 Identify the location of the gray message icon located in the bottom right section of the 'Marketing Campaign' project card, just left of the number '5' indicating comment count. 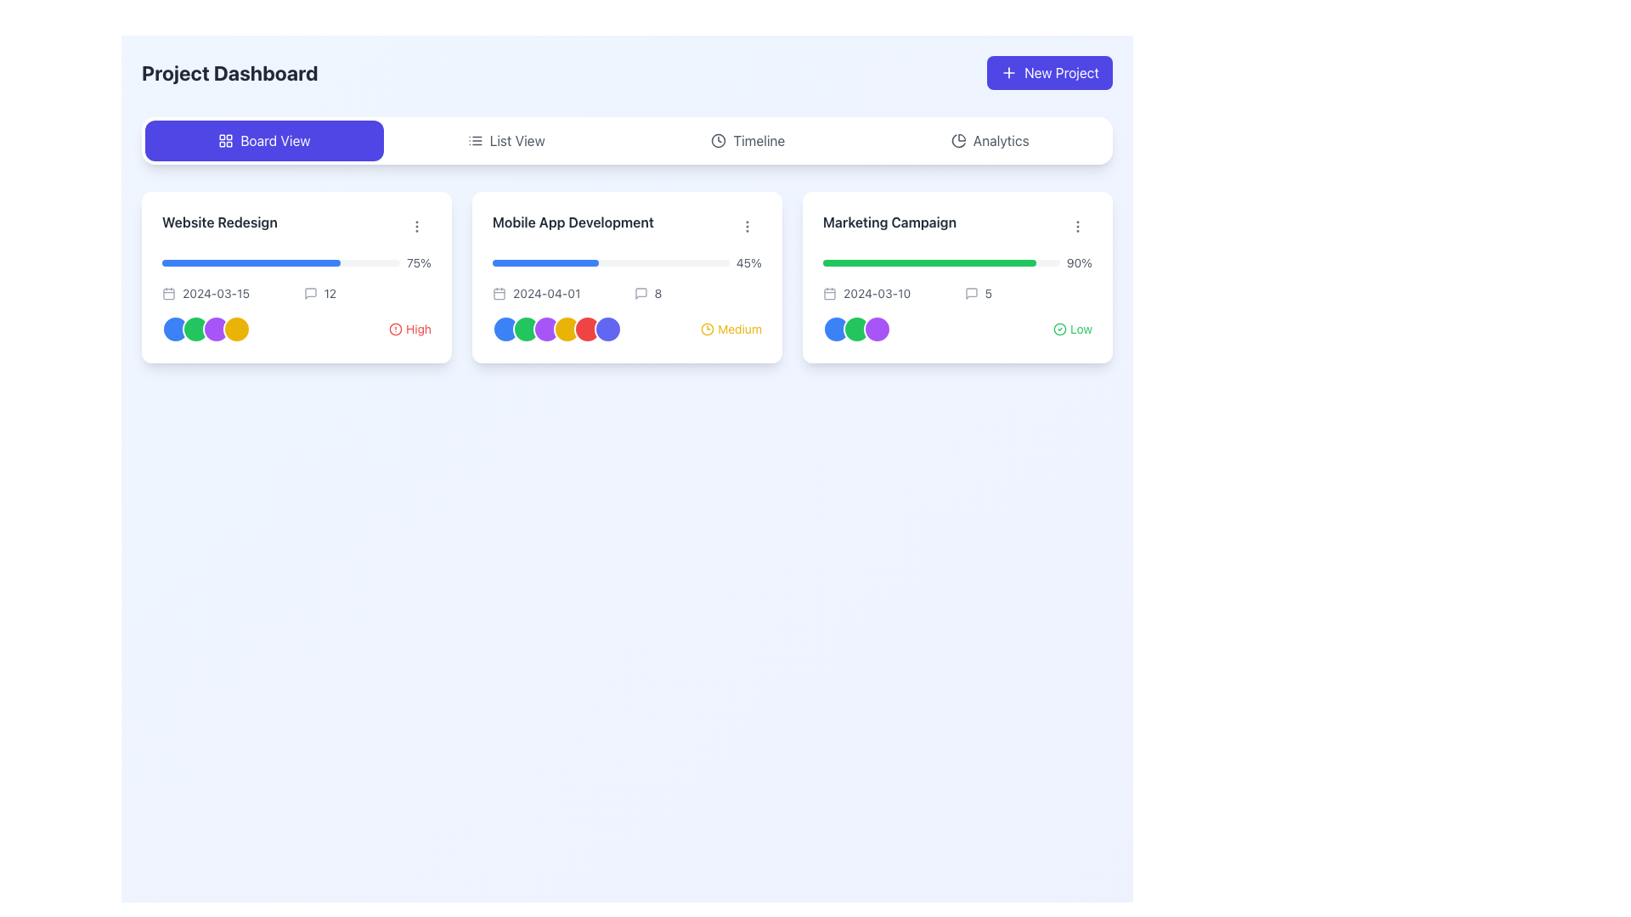
(971, 293).